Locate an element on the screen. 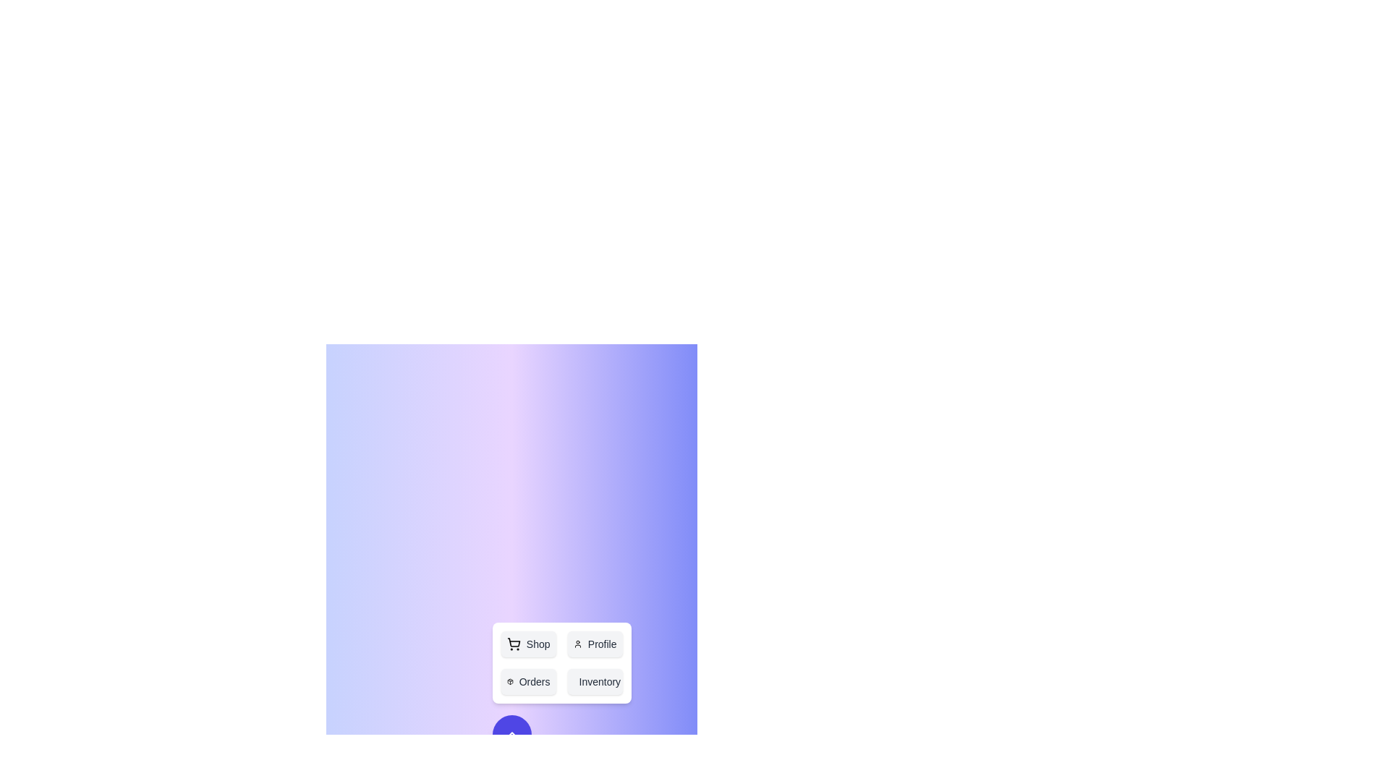 The height and width of the screenshot is (781, 1389). the 'Shop' button is located at coordinates (527, 644).